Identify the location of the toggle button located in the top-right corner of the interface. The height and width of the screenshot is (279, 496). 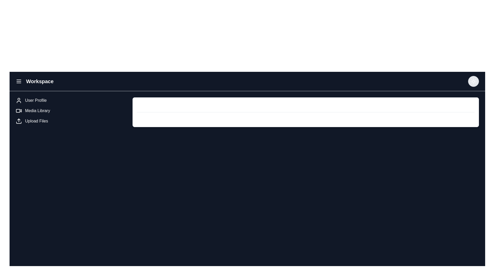
(474, 81).